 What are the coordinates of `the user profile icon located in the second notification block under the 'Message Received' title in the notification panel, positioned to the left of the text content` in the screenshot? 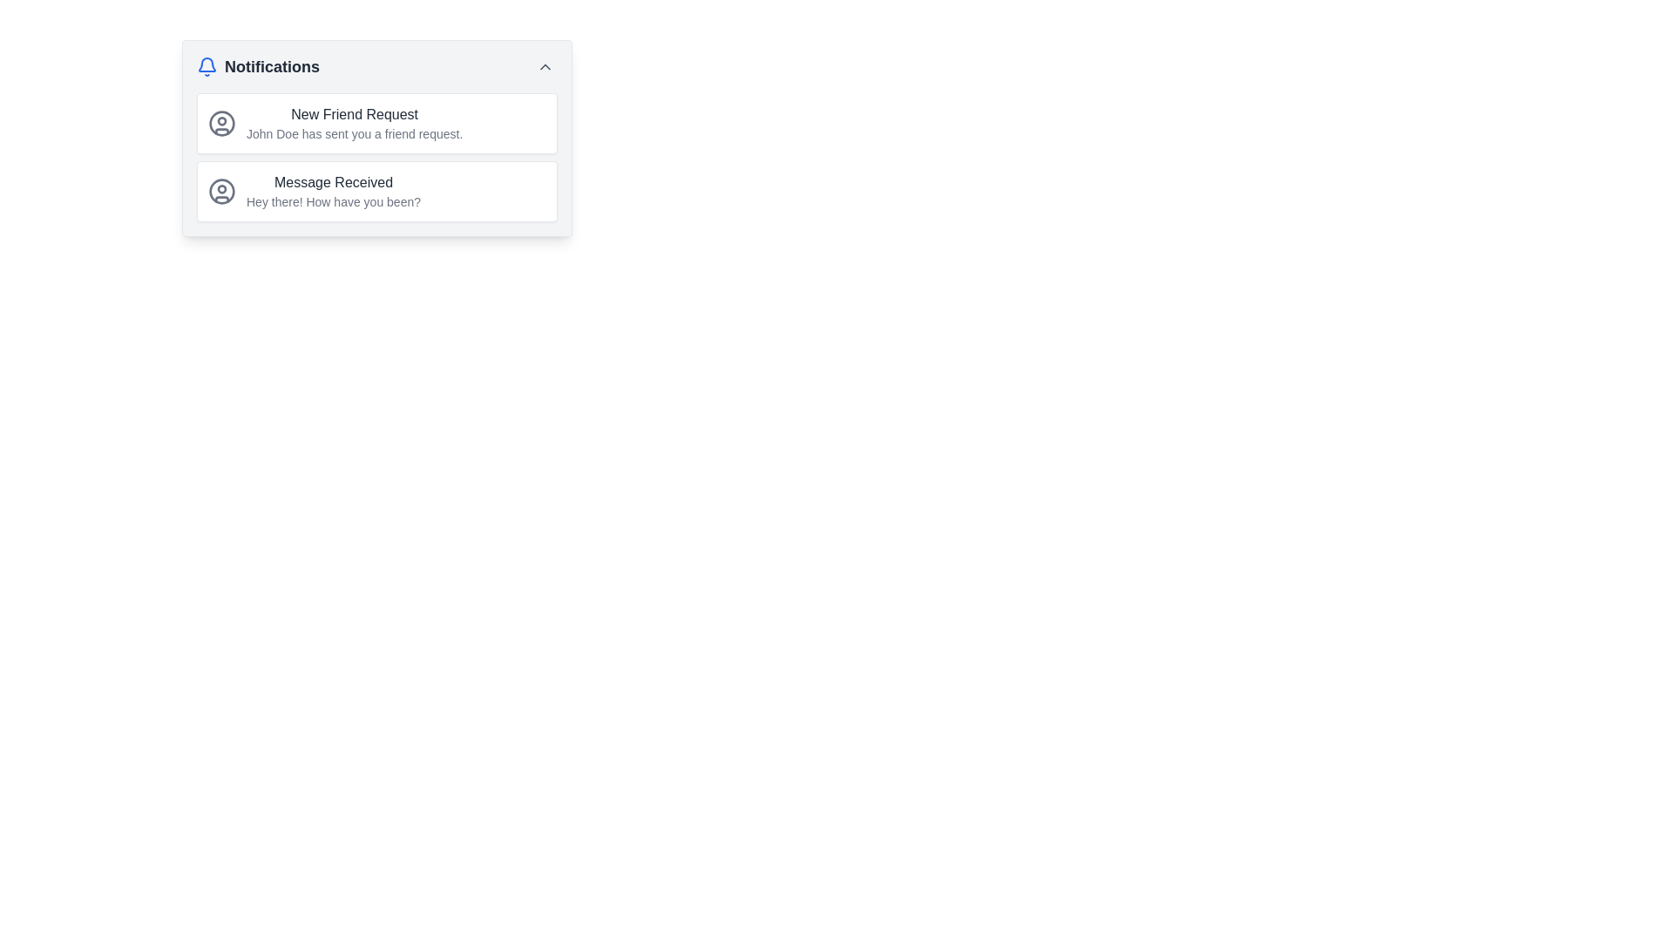 It's located at (220, 191).